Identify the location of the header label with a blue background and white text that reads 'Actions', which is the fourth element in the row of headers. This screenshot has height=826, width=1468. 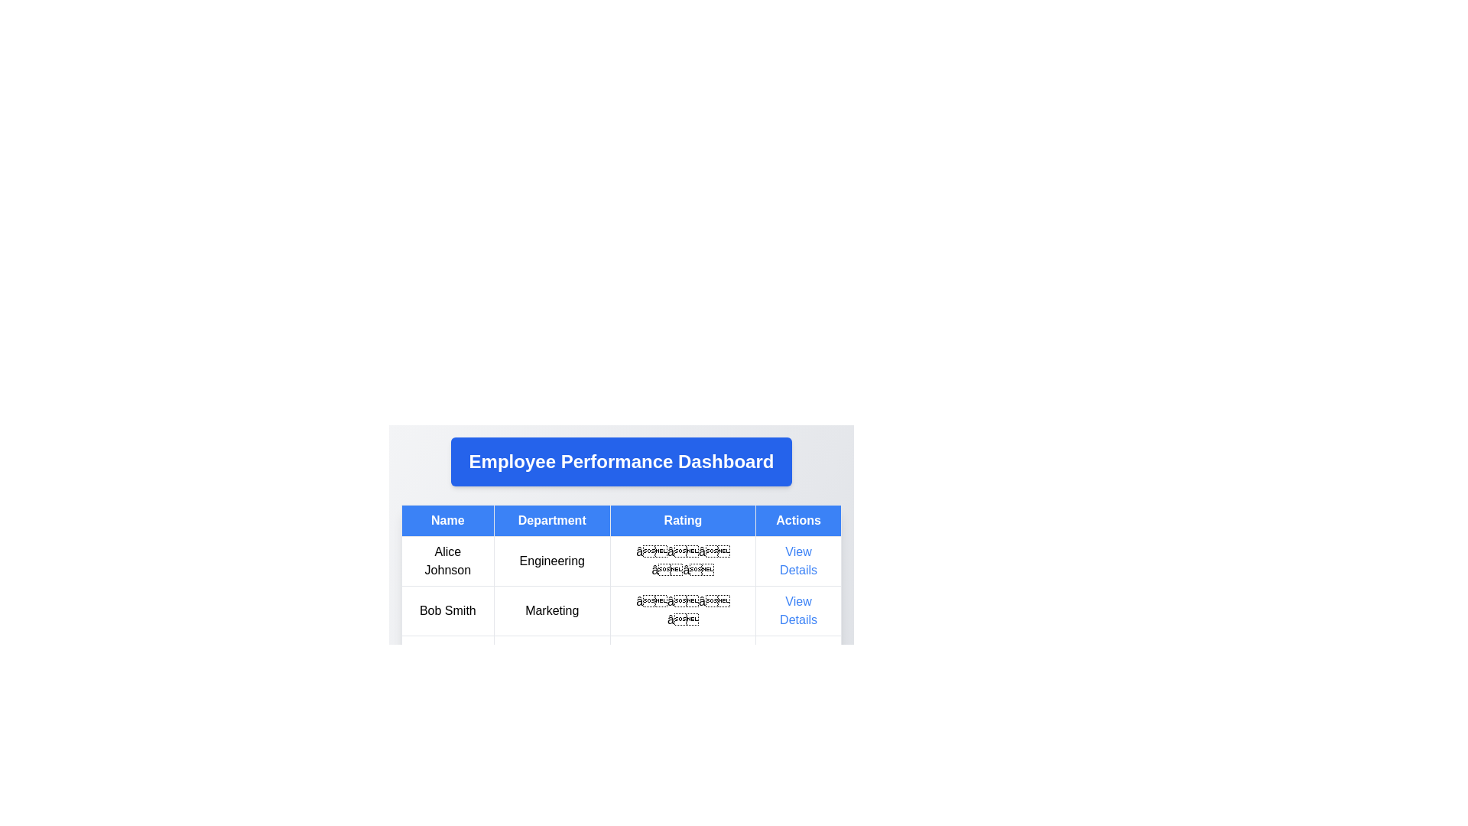
(797, 520).